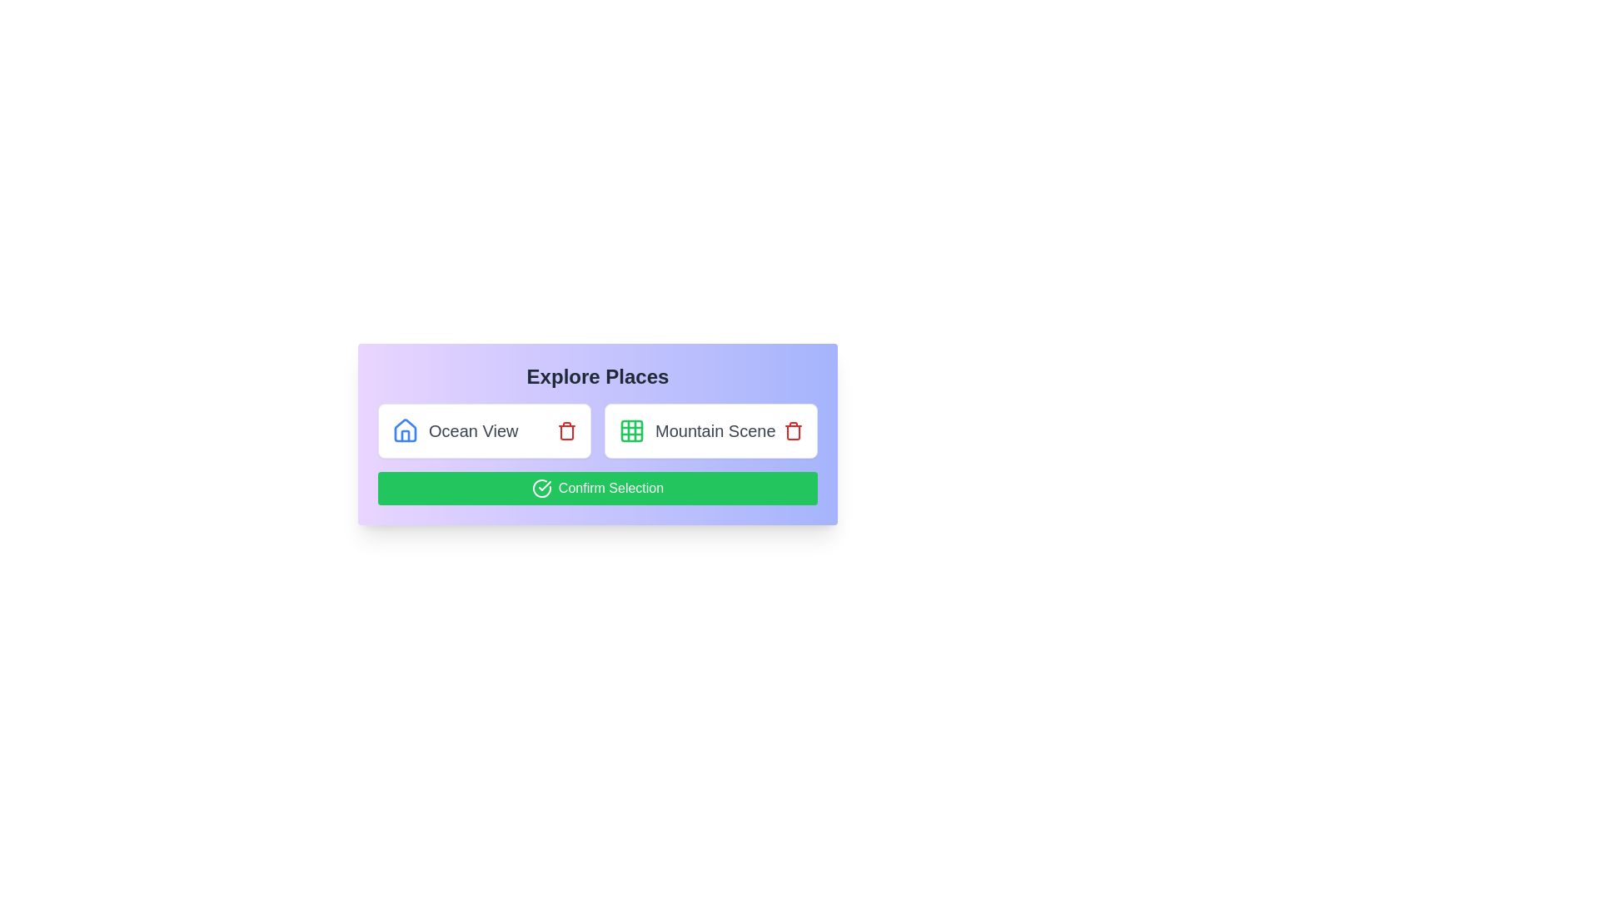  Describe the element at coordinates (598, 430) in the screenshot. I see `the 'Ocean View' section of the composite UI component containing selectable items for more details` at that location.